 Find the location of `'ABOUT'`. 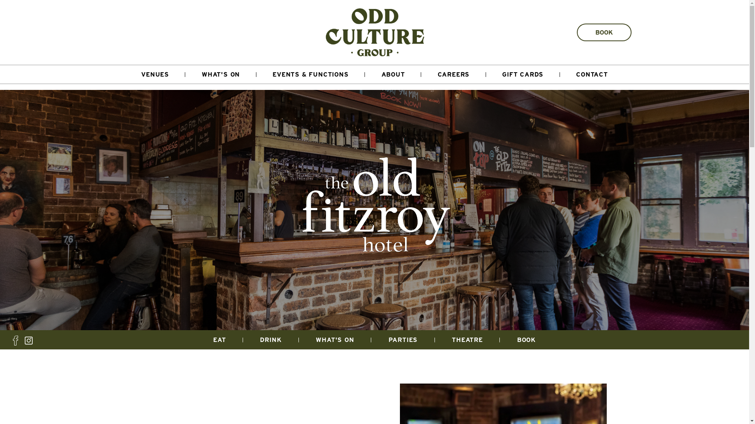

'ABOUT' is located at coordinates (364, 74).